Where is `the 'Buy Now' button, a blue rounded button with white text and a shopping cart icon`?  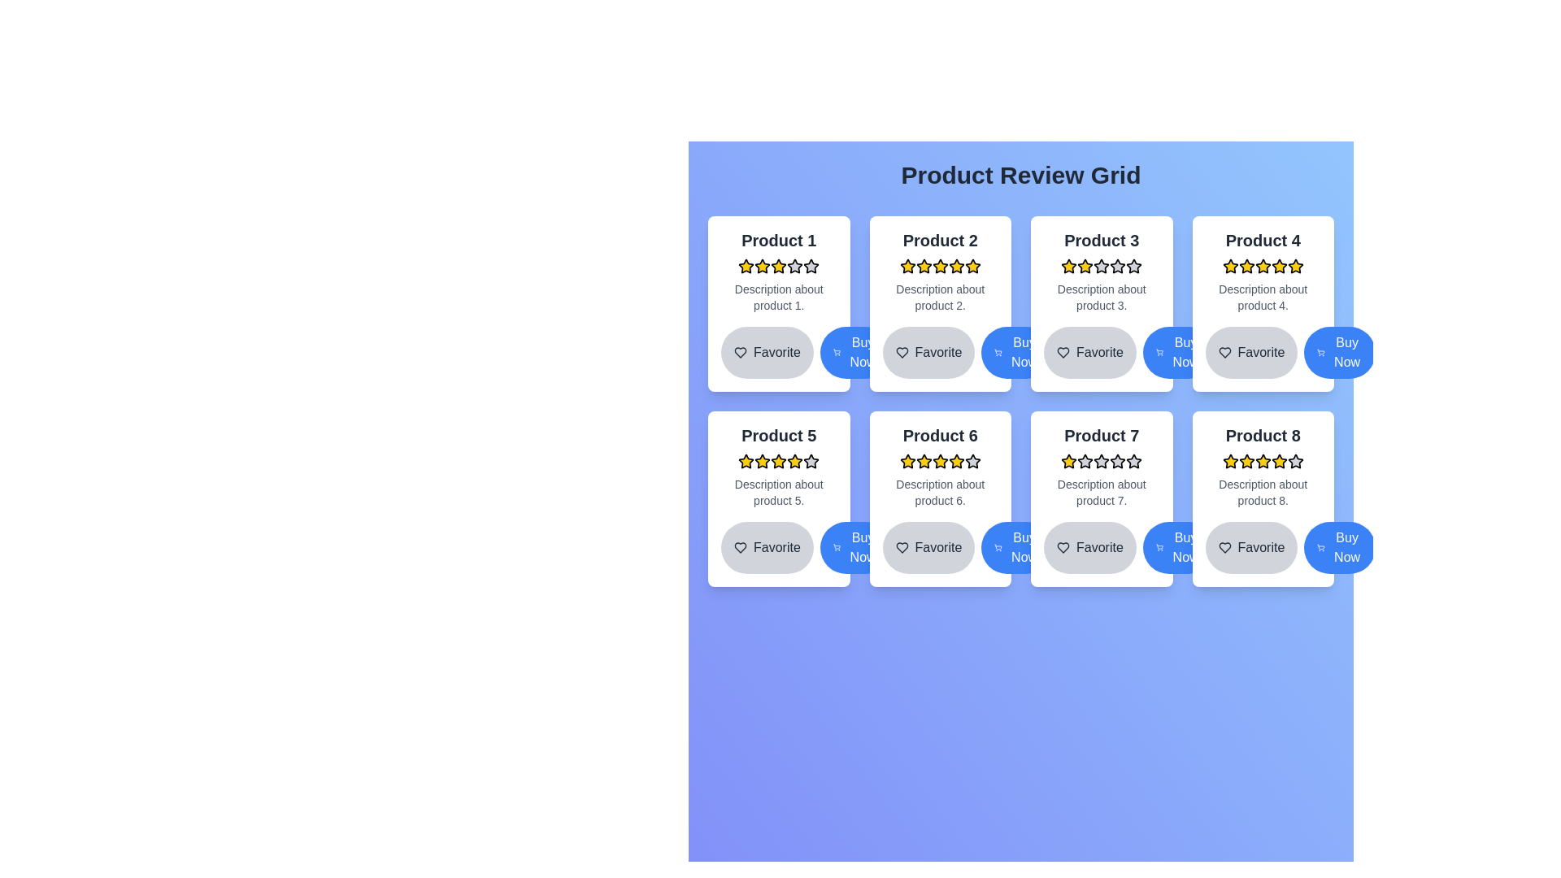
the 'Buy Now' button, a blue rounded button with white text and a shopping cart icon is located at coordinates (854, 352).